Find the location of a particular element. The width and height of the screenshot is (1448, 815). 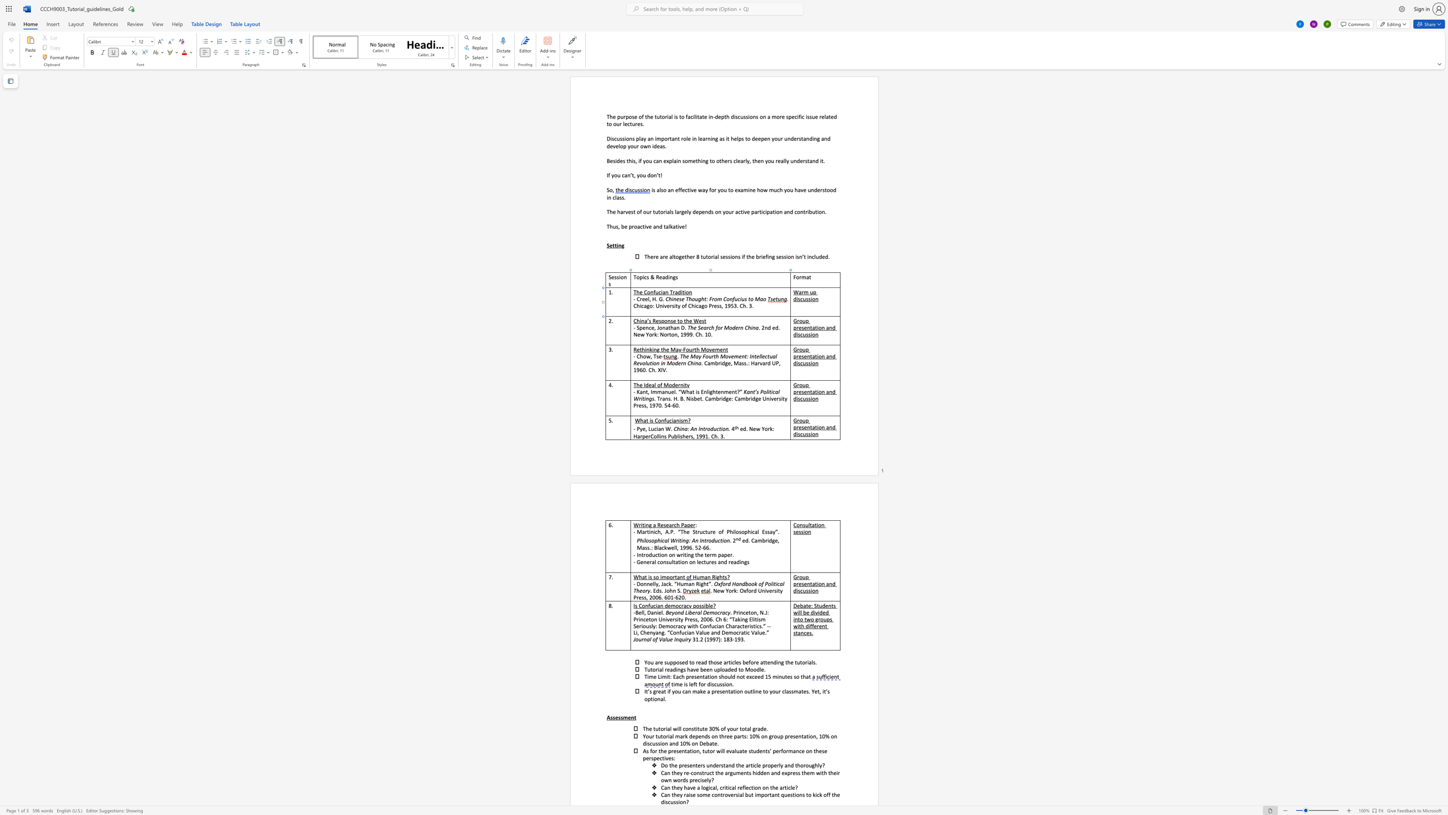

the 3th character "t" in the text is located at coordinates (704, 321).